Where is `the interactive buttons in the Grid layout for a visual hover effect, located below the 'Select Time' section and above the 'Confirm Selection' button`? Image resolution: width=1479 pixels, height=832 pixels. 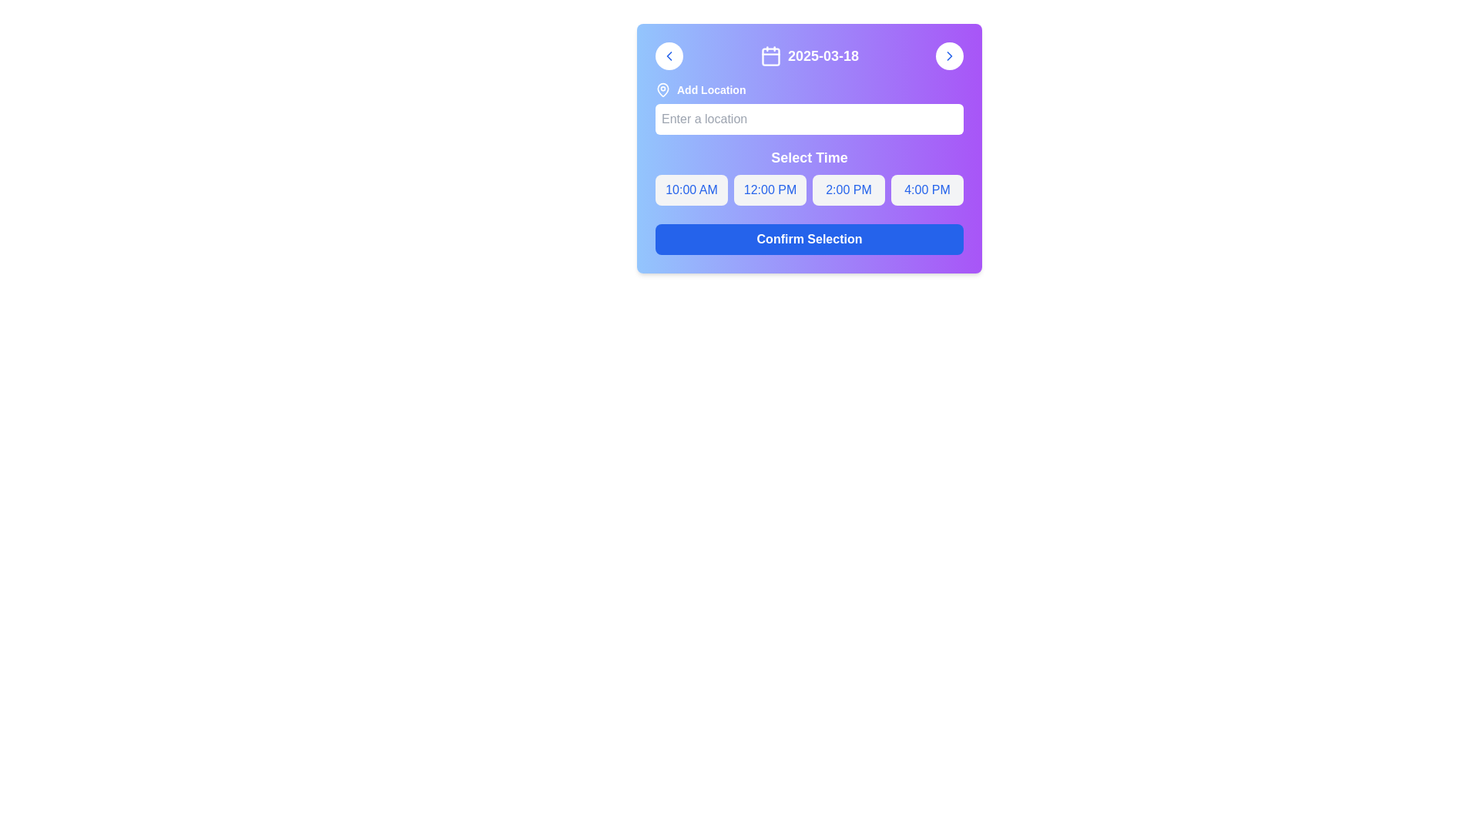
the interactive buttons in the Grid layout for a visual hover effect, located below the 'Select Time' section and above the 'Confirm Selection' button is located at coordinates (809, 189).